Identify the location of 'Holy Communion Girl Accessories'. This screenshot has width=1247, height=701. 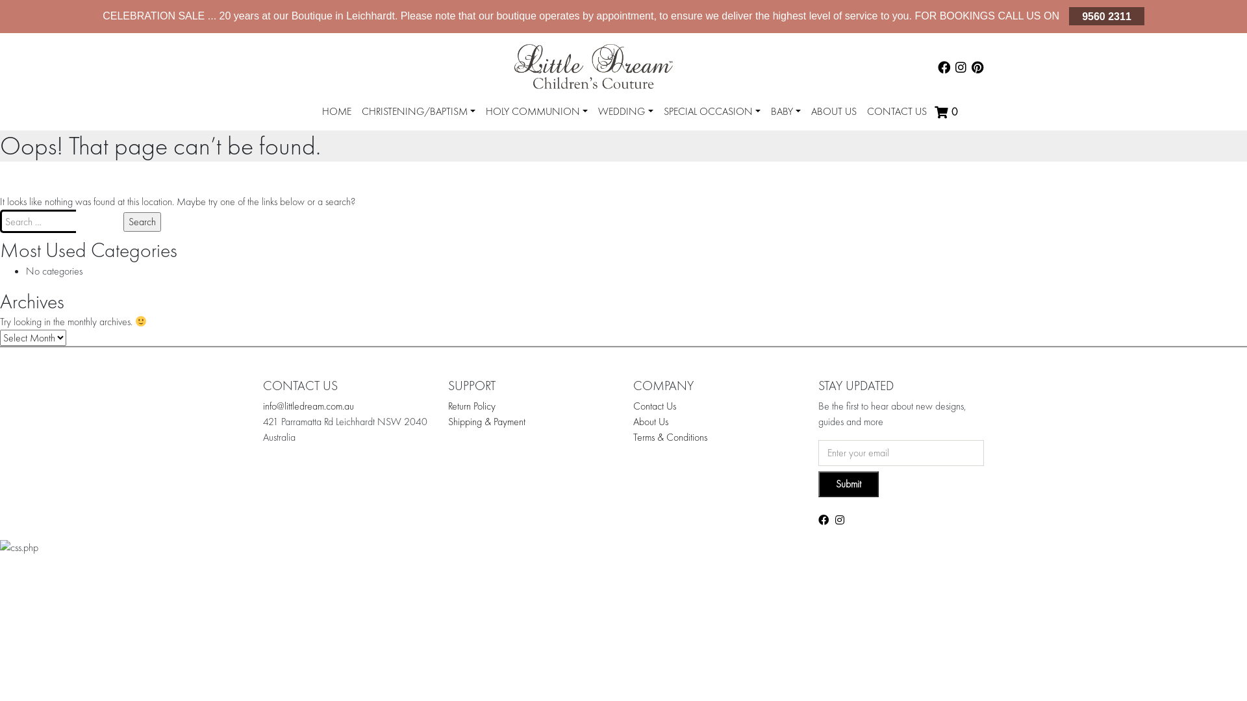
(501, 140).